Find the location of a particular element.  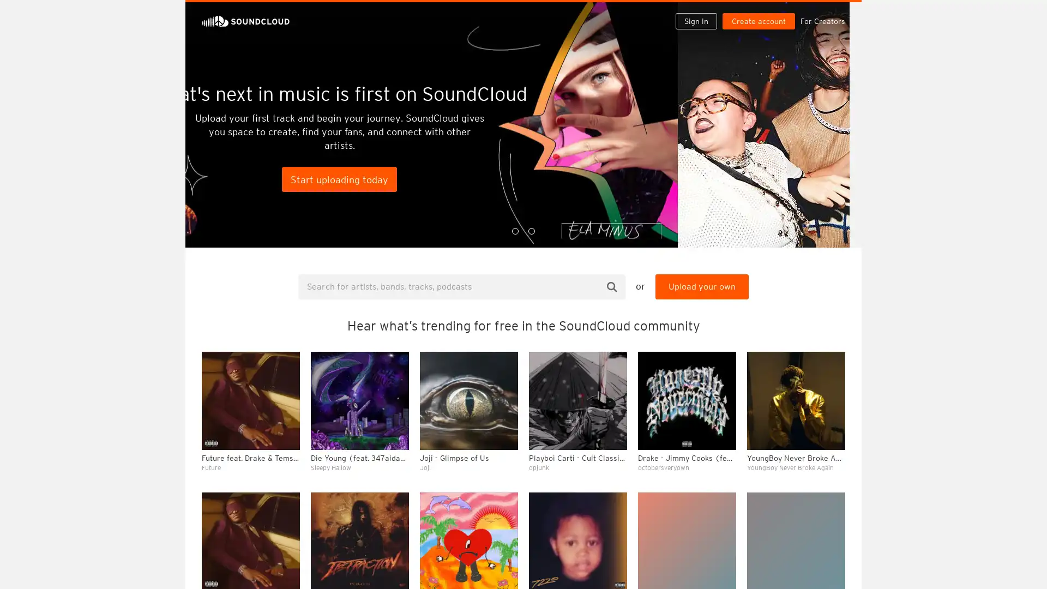

Create a SoundCloud account is located at coordinates (758, 21).